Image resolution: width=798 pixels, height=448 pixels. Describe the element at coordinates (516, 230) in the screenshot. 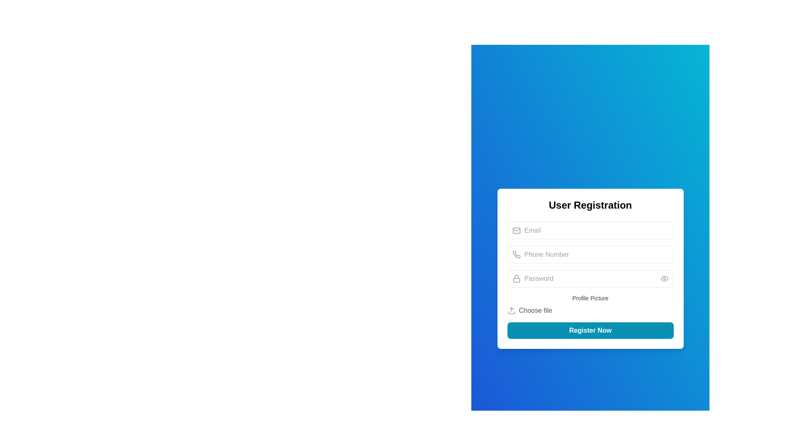

I see `the mail icon, which is a minimalistic envelope shape located to the left of the email input field` at that location.